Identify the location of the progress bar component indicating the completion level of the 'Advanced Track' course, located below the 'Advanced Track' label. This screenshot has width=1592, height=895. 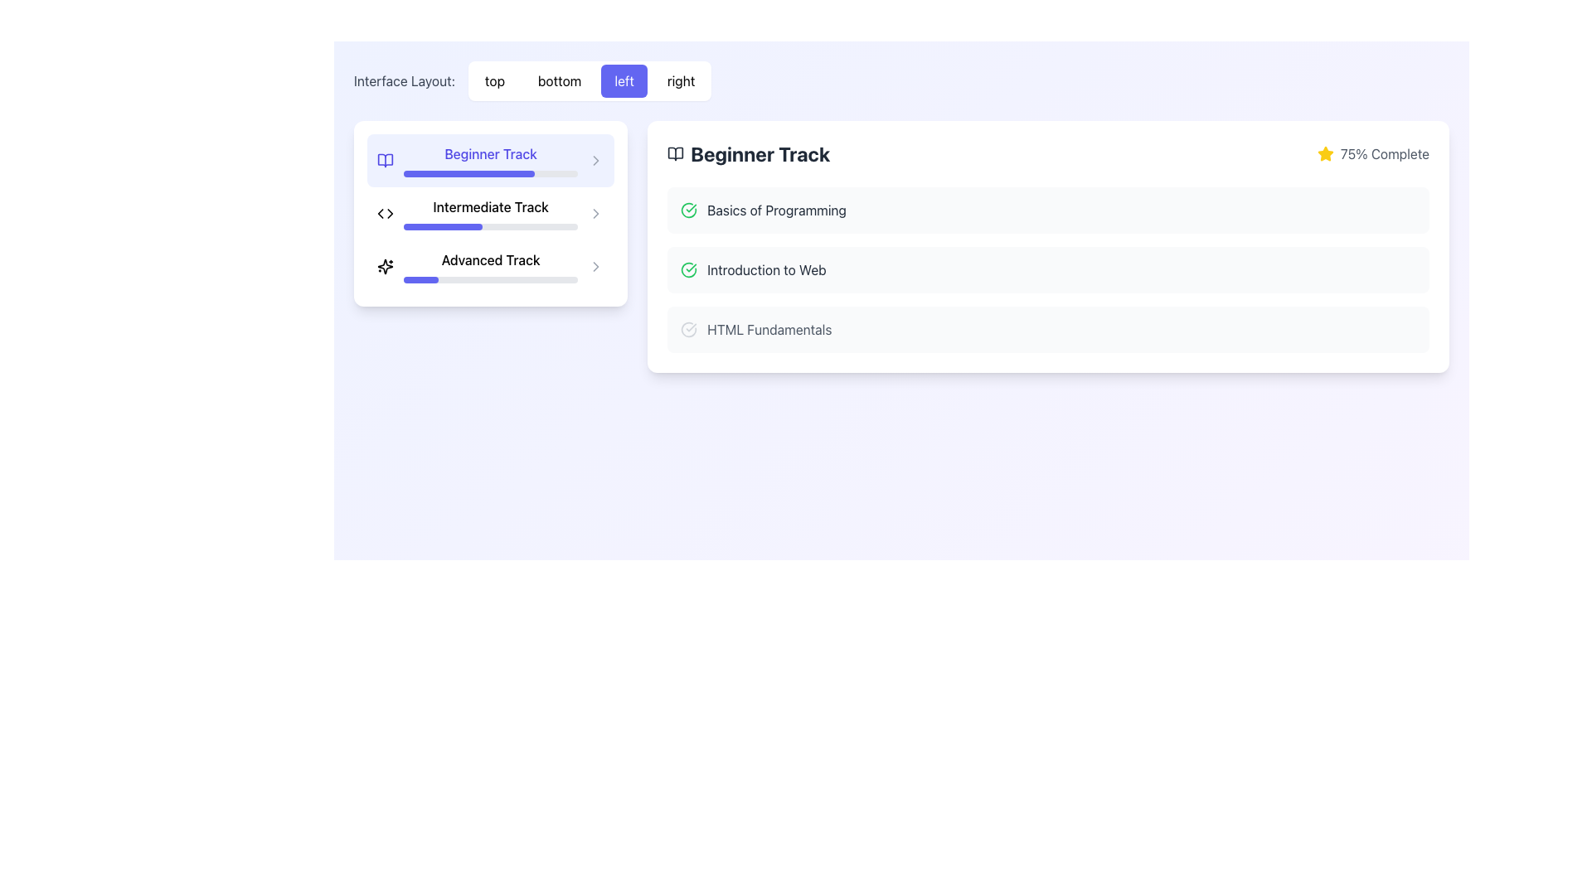
(490, 279).